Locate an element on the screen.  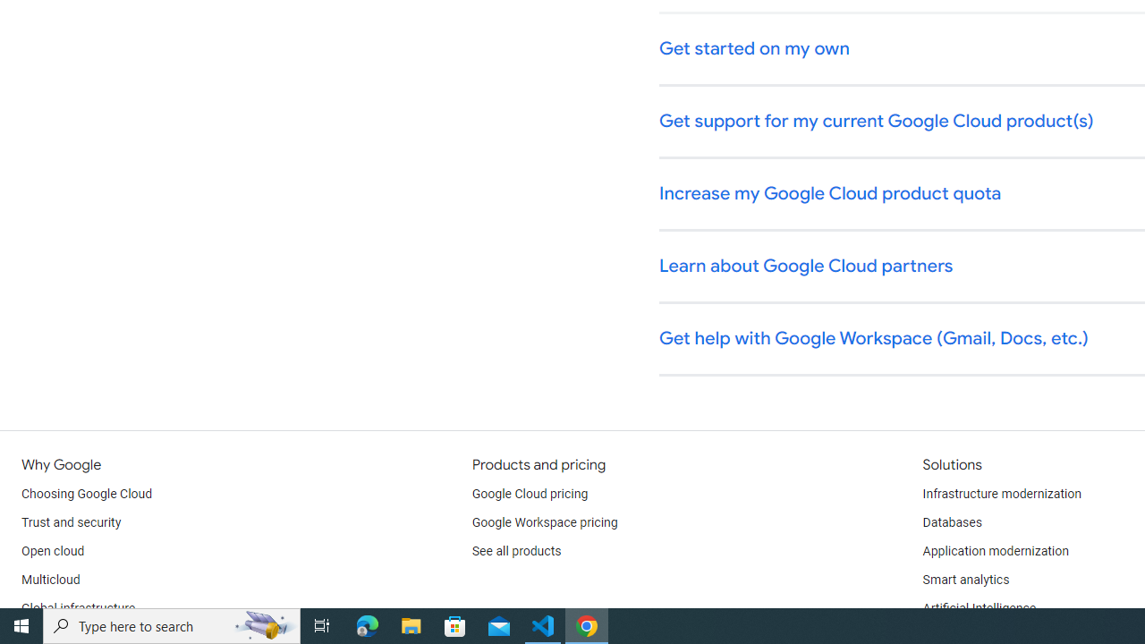
'Open cloud' is located at coordinates (53, 551).